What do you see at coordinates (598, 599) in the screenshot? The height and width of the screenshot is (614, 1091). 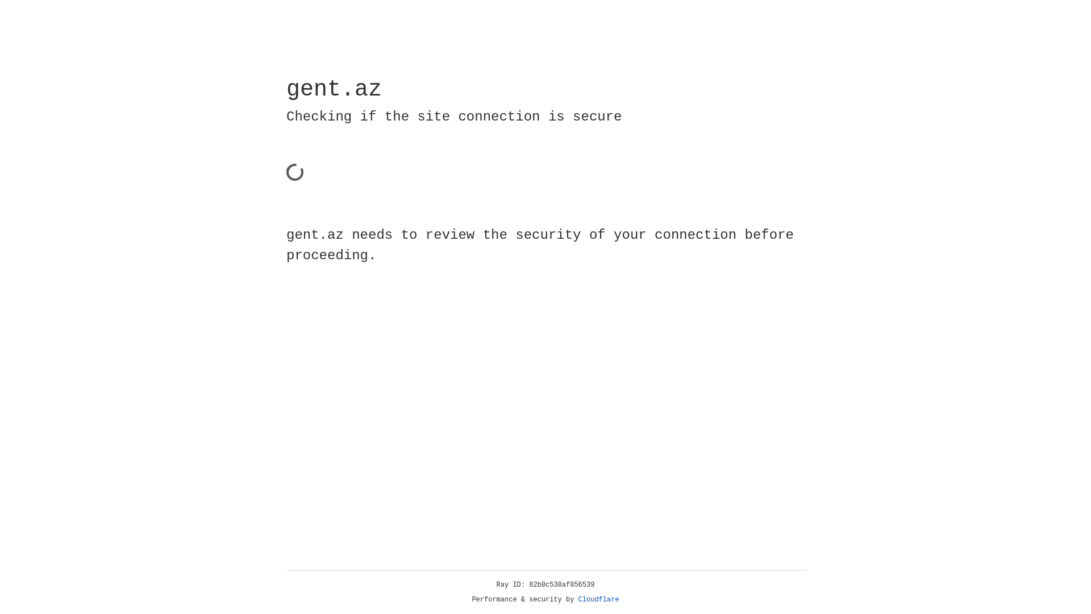 I see `'Cloudflare'` at bounding box center [598, 599].